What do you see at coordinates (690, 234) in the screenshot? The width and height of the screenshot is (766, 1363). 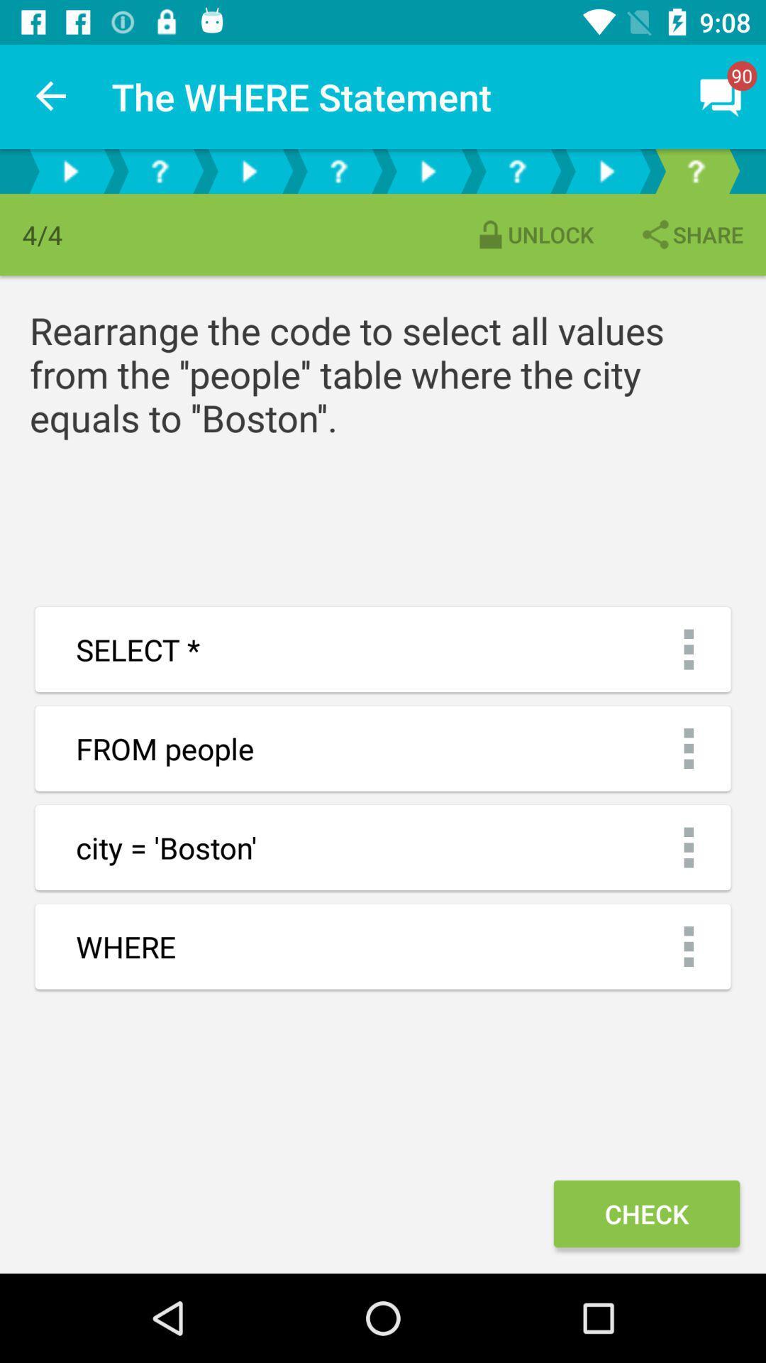 I see `the icon above rearrange the code` at bounding box center [690, 234].